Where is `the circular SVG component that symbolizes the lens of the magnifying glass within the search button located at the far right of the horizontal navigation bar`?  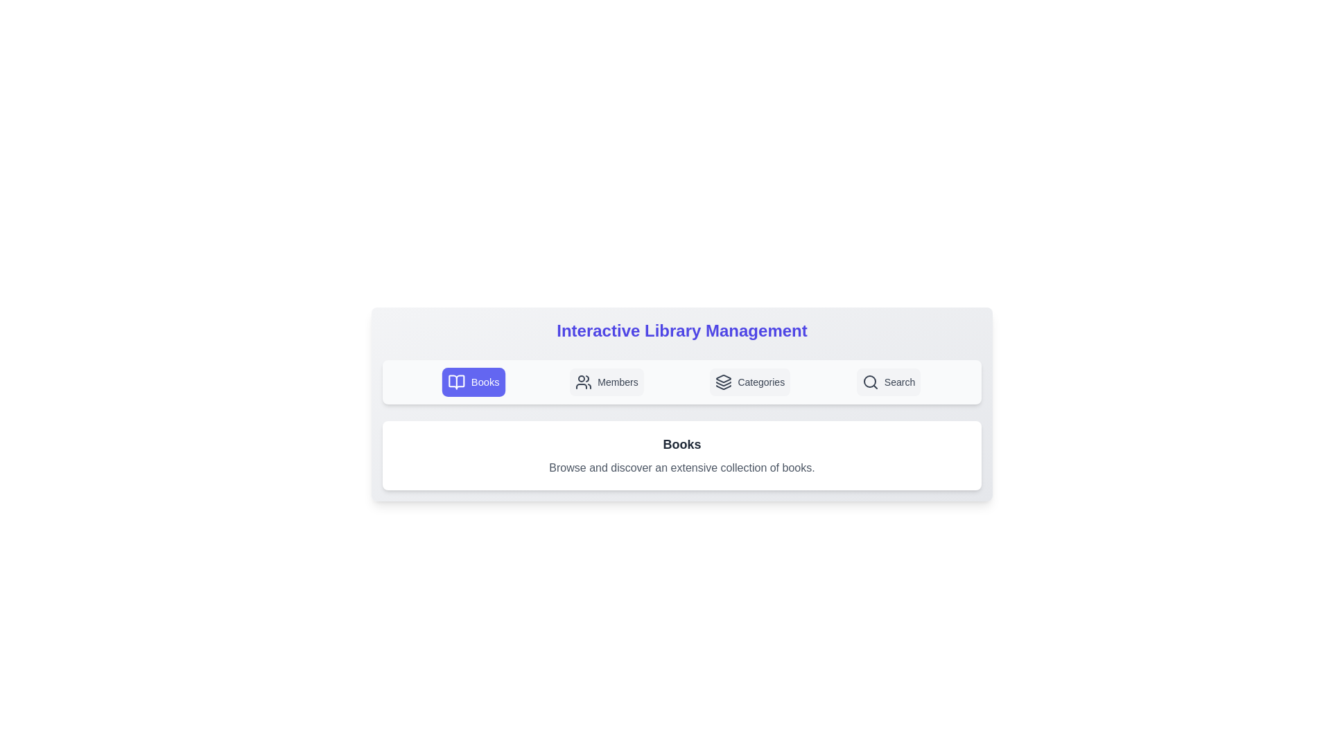
the circular SVG component that symbolizes the lens of the magnifying glass within the search button located at the far right of the horizontal navigation bar is located at coordinates (869, 382).